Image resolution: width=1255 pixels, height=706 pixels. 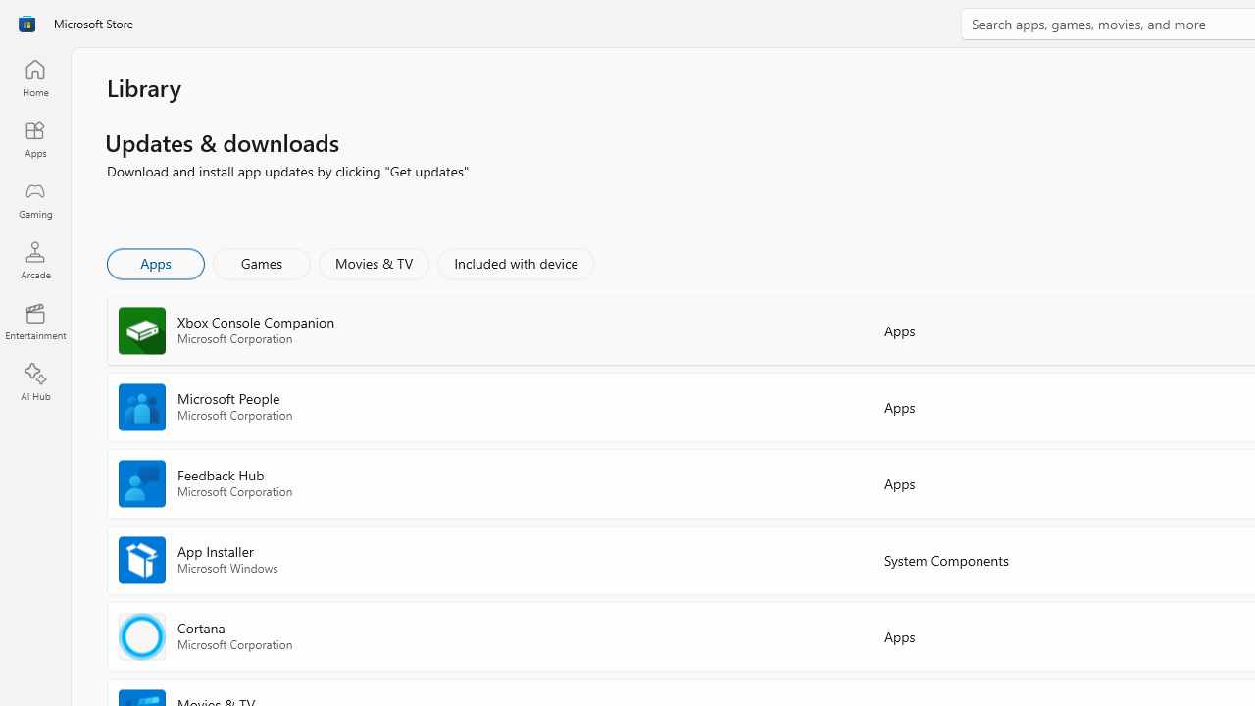 What do you see at coordinates (34, 259) in the screenshot?
I see `'Arcade'` at bounding box center [34, 259].